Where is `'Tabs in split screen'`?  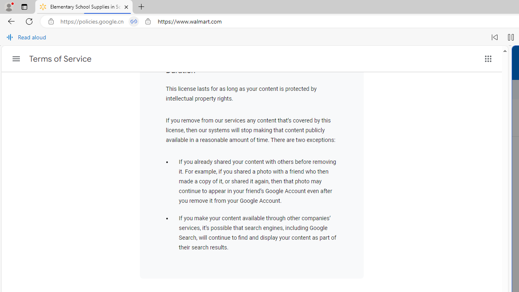
'Tabs in split screen' is located at coordinates (134, 21).